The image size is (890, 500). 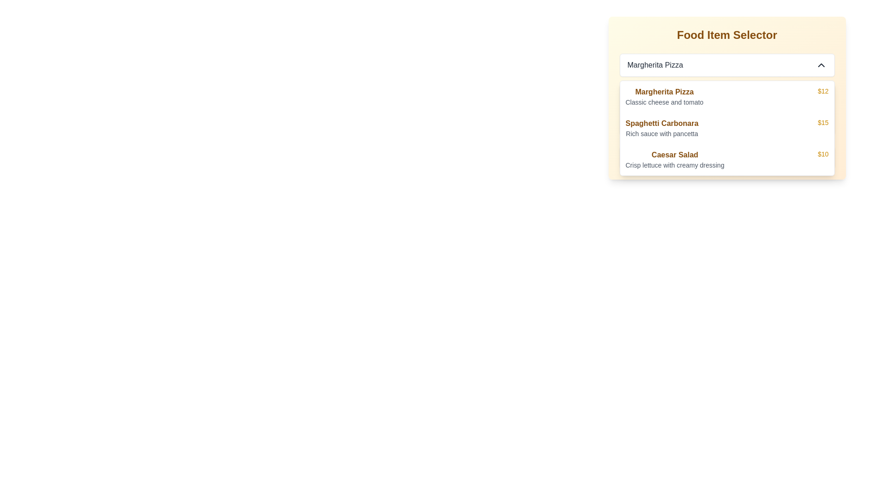 What do you see at coordinates (823, 128) in the screenshot?
I see `the price label displaying the cost of the 'Spaghetti Carbonara' item, located on the right side of its row in the menu list` at bounding box center [823, 128].